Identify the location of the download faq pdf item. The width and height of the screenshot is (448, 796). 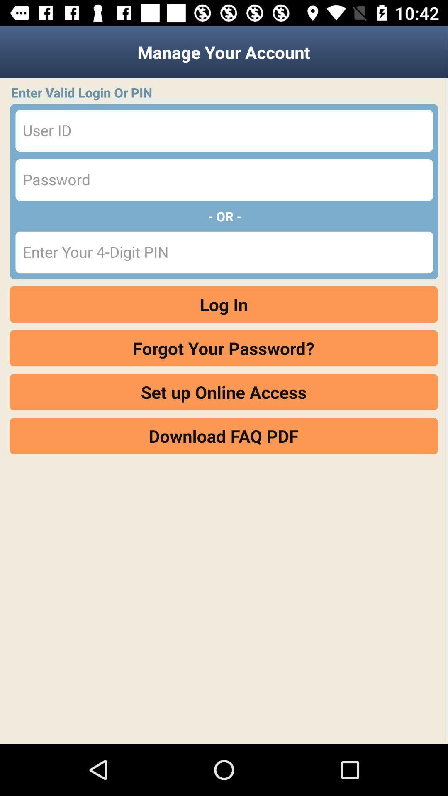
(223, 435).